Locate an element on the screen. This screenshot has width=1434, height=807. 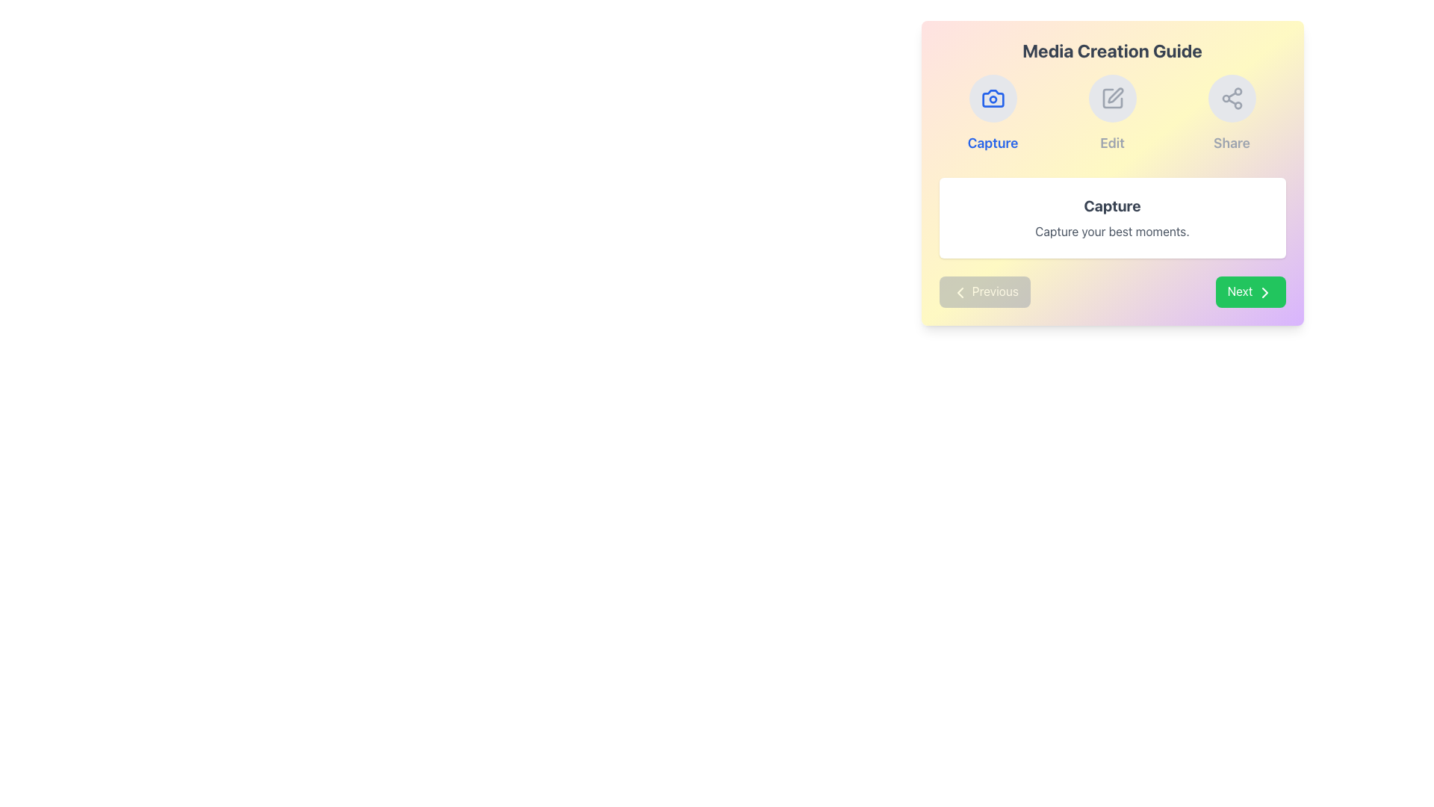
the camera icon located in the top left section of the 'Media Creation Guide' card, which has a blue background and a minimalistic outline design is located at coordinates (993, 98).